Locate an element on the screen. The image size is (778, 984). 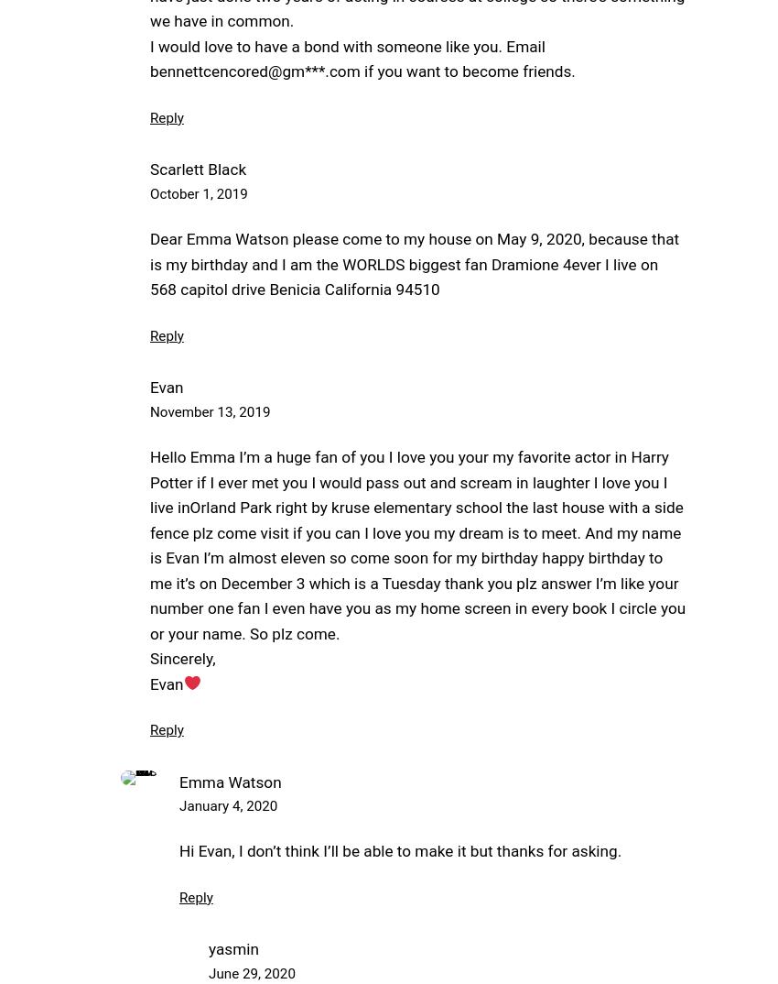
'Hello Emma I’m a huge fan of you I love you your my favorite actor in Harry Potter if I ever met you I would pass out and scream in laughter I love you I live inOrland Park right by kruse elementary school the last house with a side fence plz come visit if you can I love you my dream is to meet. And my name is Evan I’m almost eleven so come soon for my birthday happy birthday to me it’s on December 3 which is a Tuesday thank you plz answer I’m like your number one fan I even have you as my home screen in every book I circle you or your name. So plz come.' is located at coordinates (416, 544).